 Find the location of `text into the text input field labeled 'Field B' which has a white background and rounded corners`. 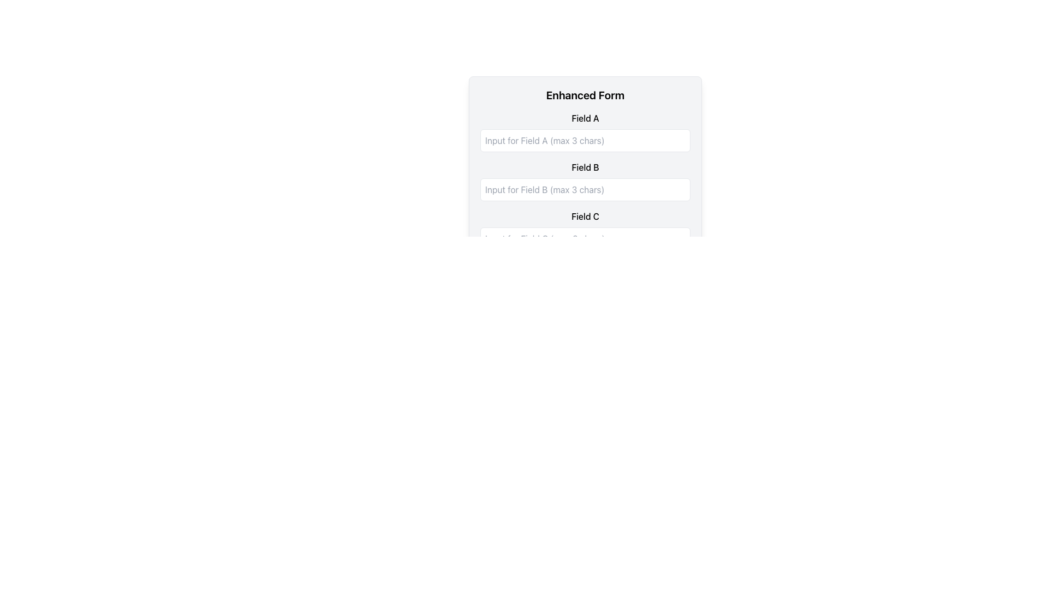

text into the text input field labeled 'Field B' which has a white background and rounded corners is located at coordinates (585, 184).